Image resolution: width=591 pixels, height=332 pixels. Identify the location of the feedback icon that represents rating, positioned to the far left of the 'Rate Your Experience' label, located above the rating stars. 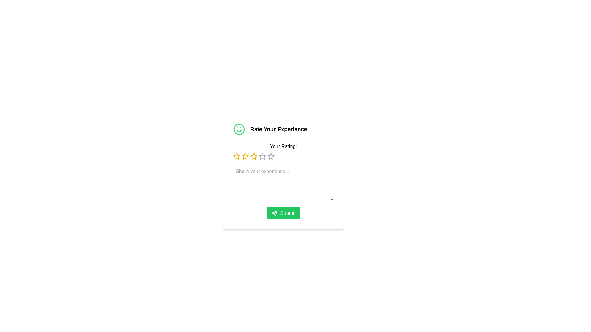
(239, 129).